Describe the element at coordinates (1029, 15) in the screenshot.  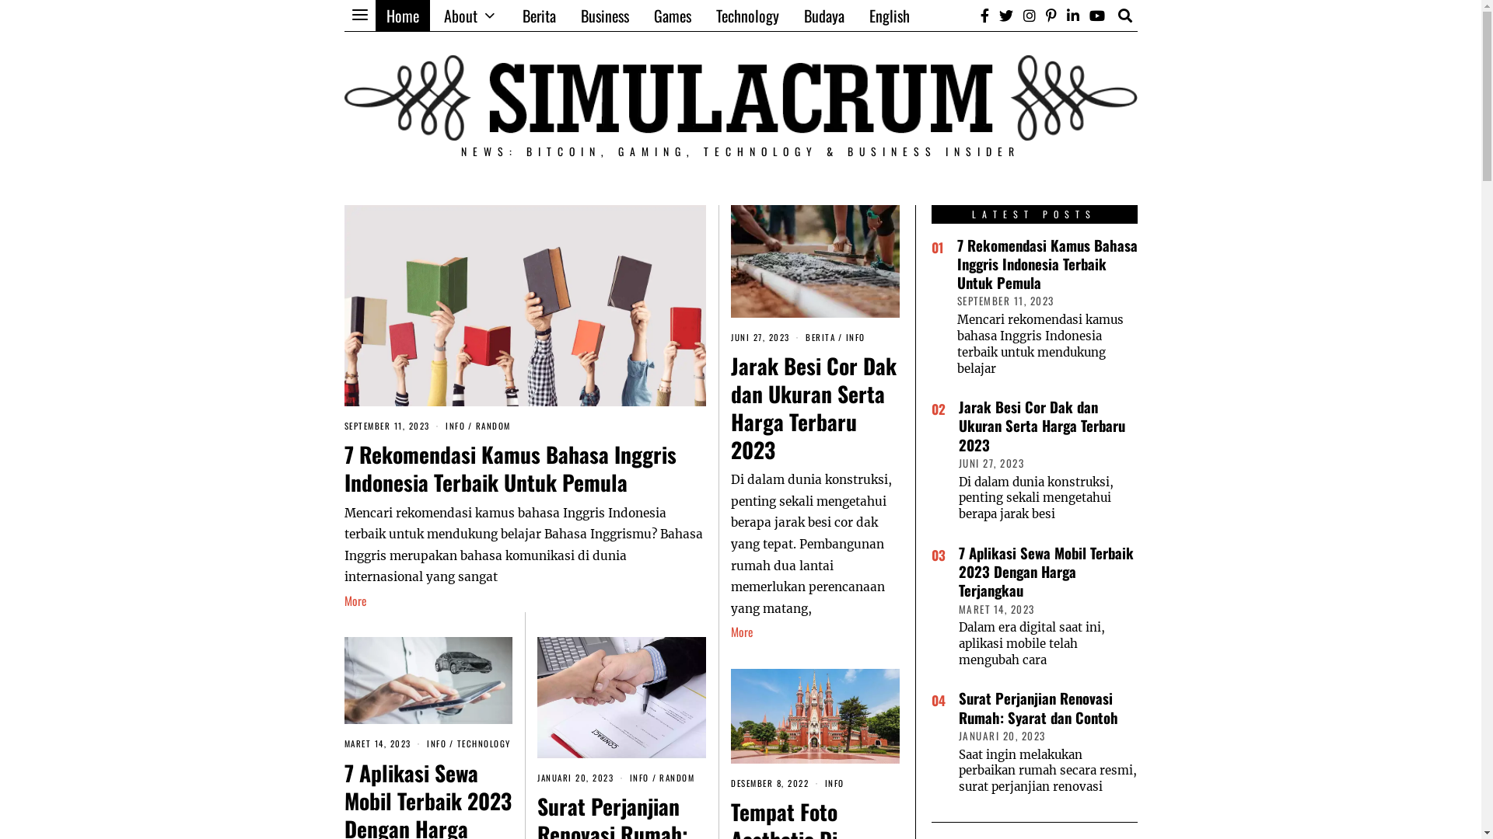
I see `'Instagram'` at that location.